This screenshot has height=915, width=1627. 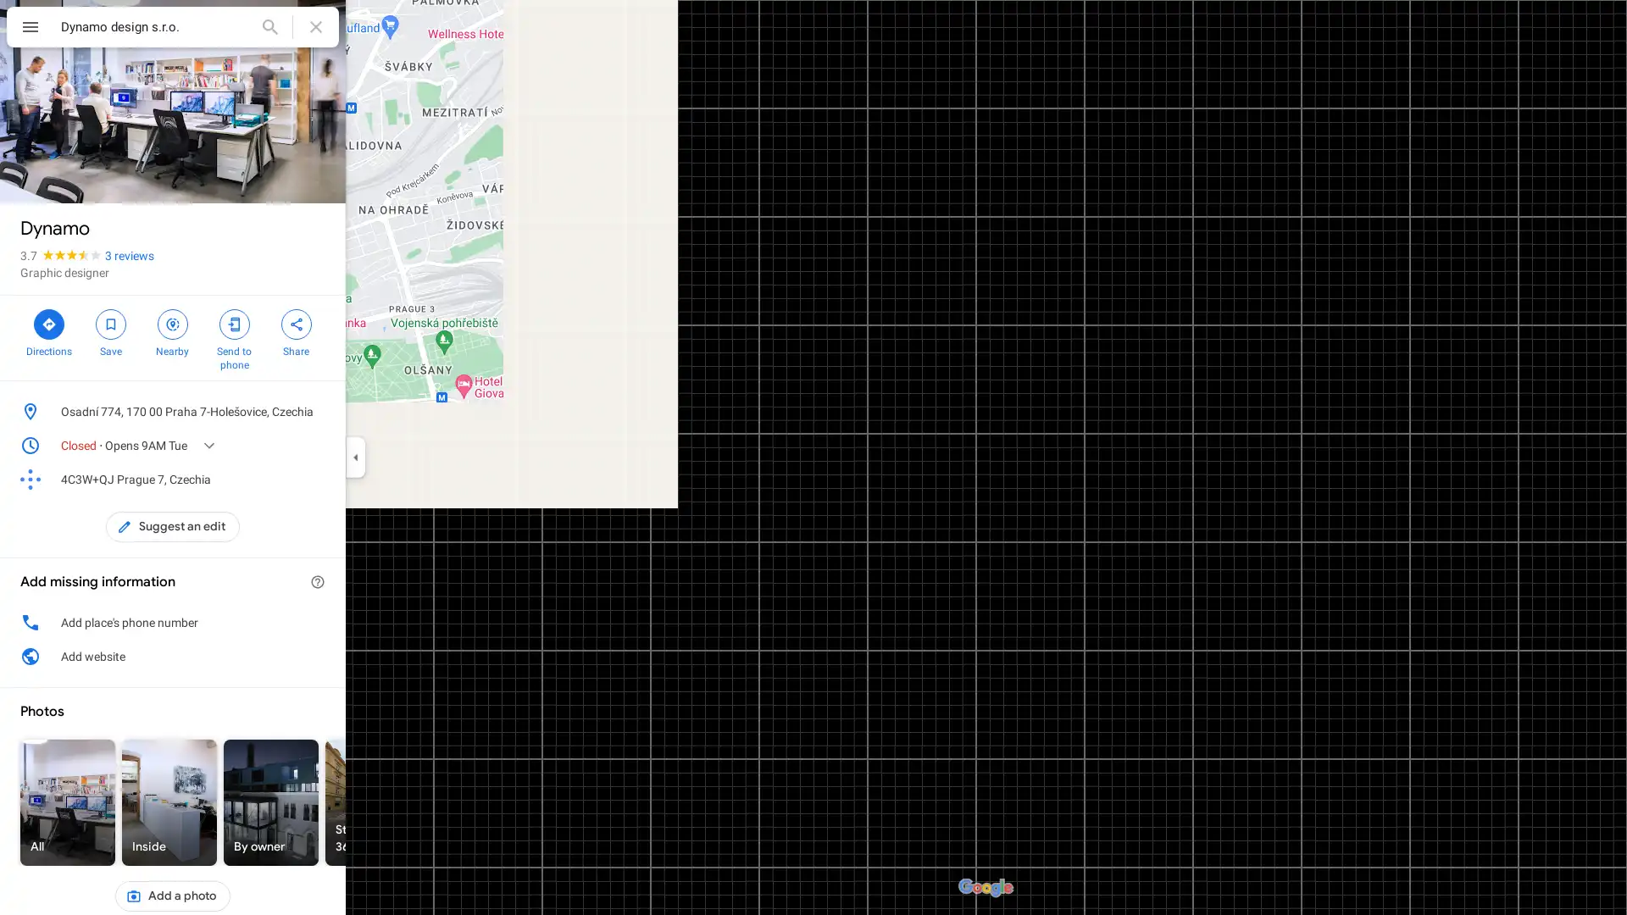 What do you see at coordinates (296, 330) in the screenshot?
I see `Share Dynamo` at bounding box center [296, 330].